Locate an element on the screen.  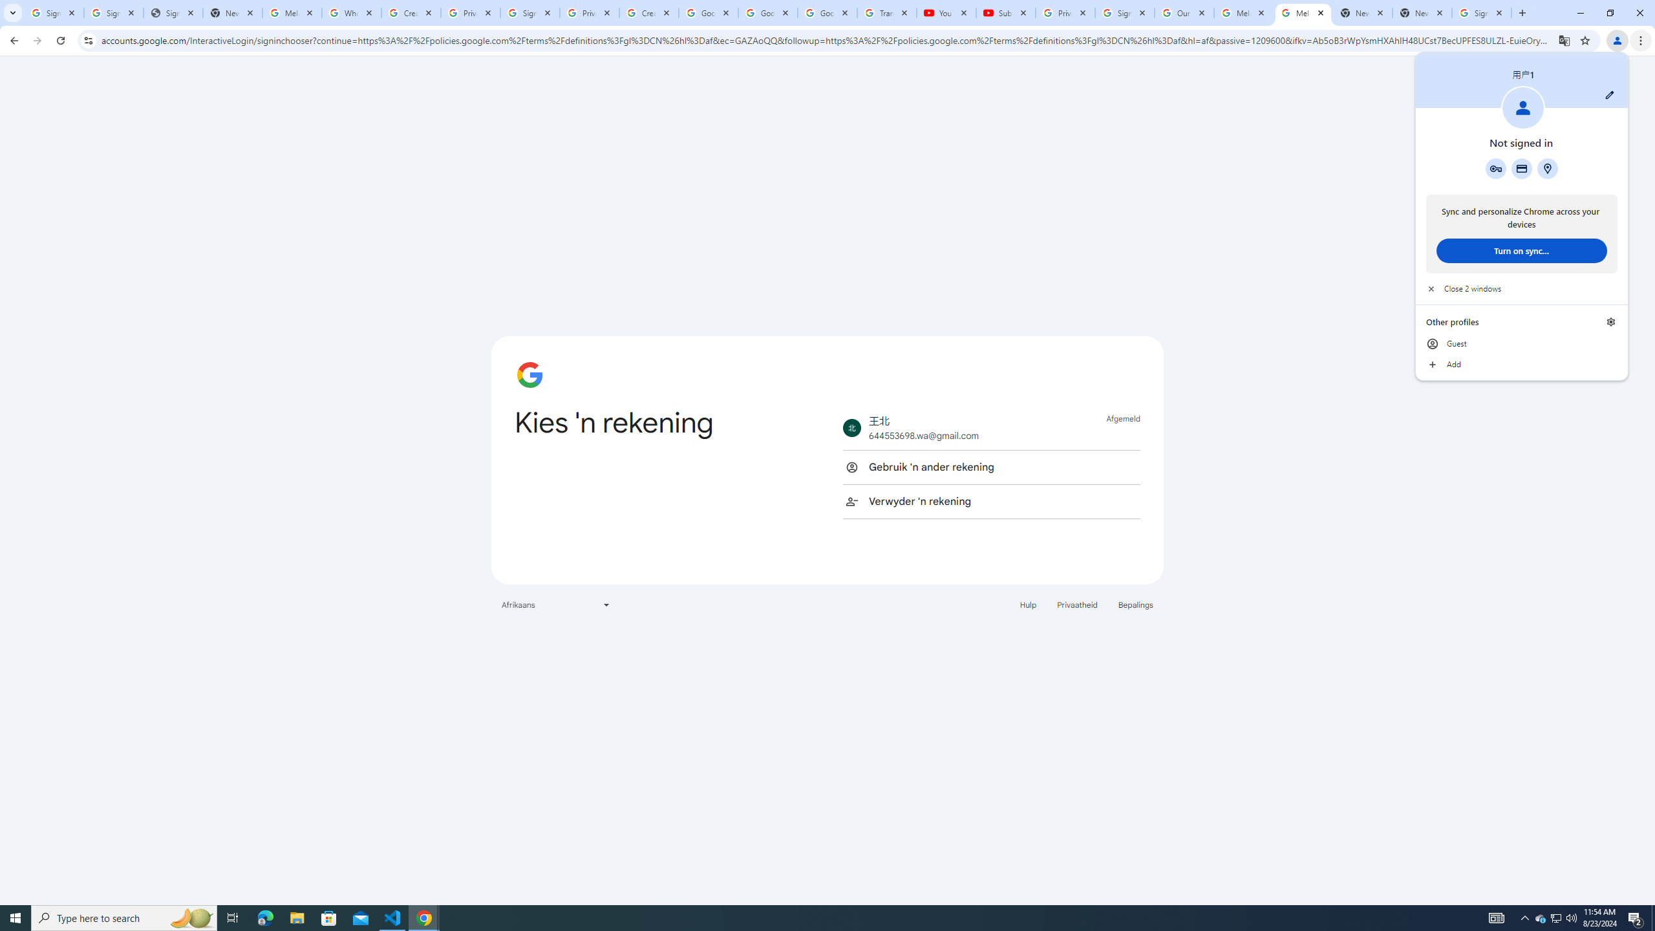
'Customize profile' is located at coordinates (1608, 94).